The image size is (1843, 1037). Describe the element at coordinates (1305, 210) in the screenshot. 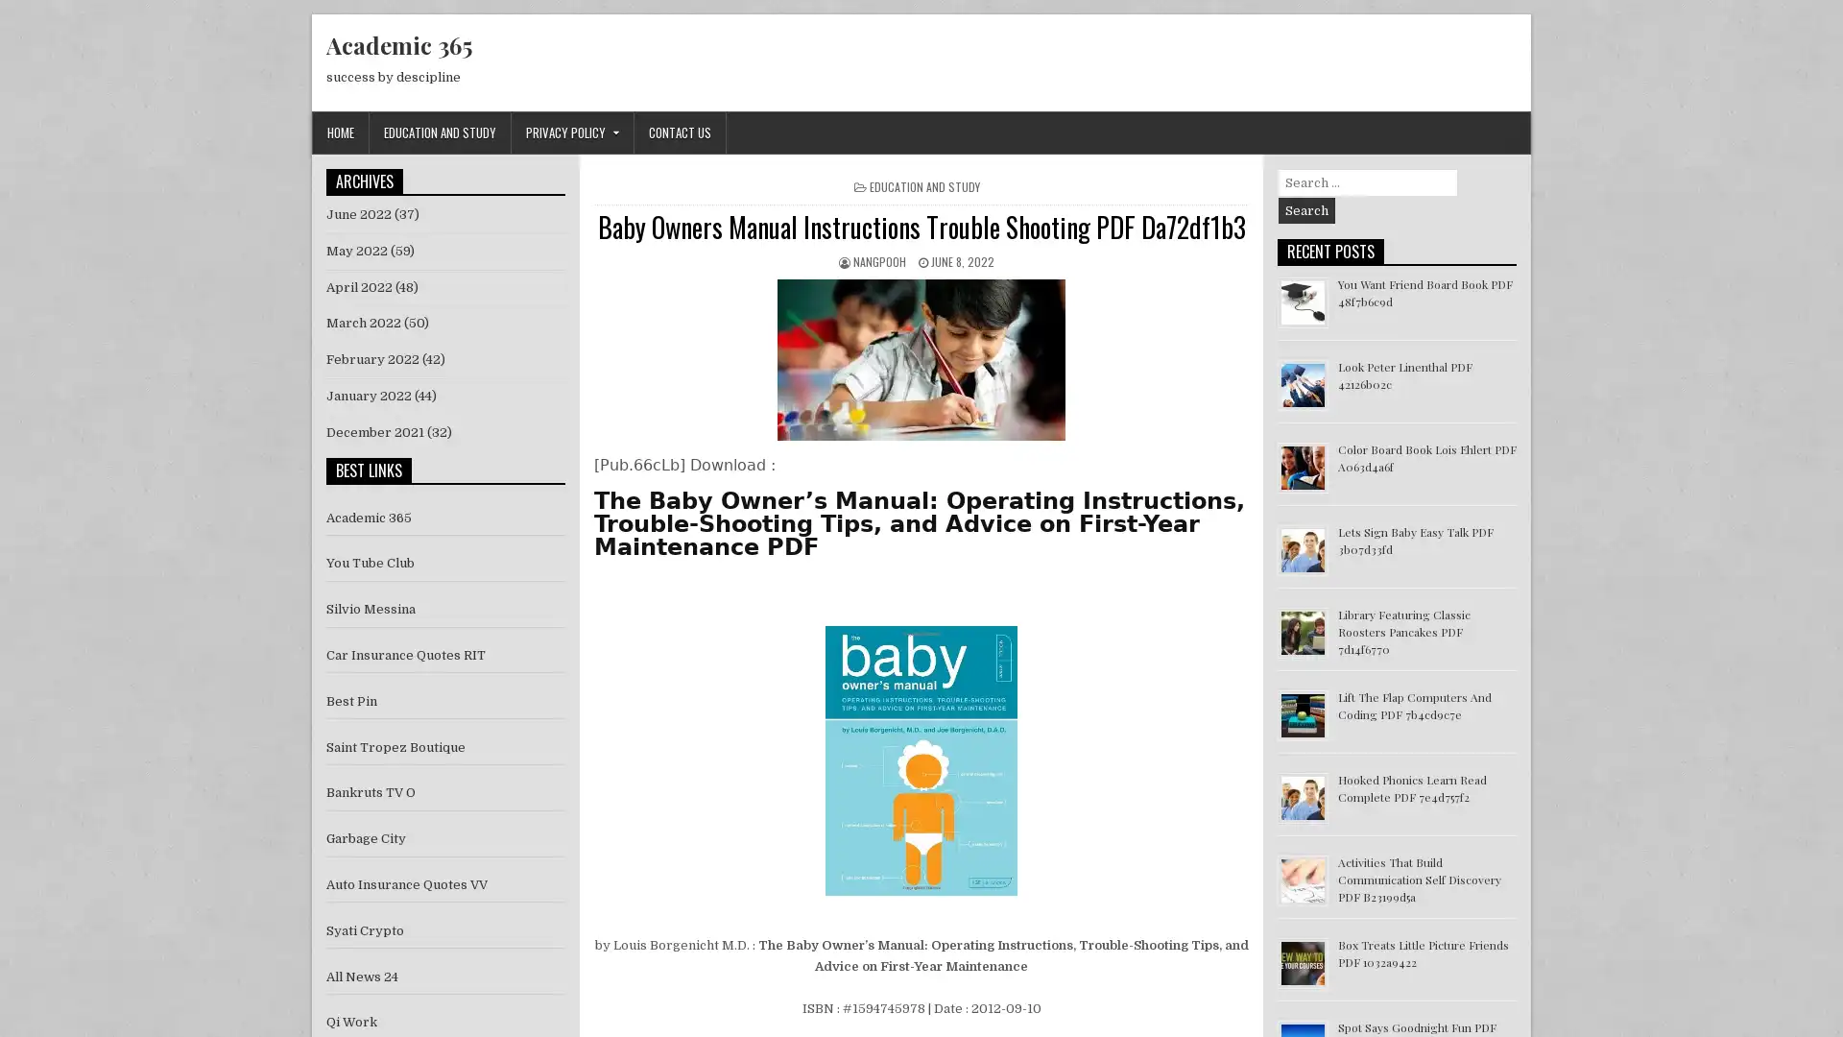

I see `Search` at that location.